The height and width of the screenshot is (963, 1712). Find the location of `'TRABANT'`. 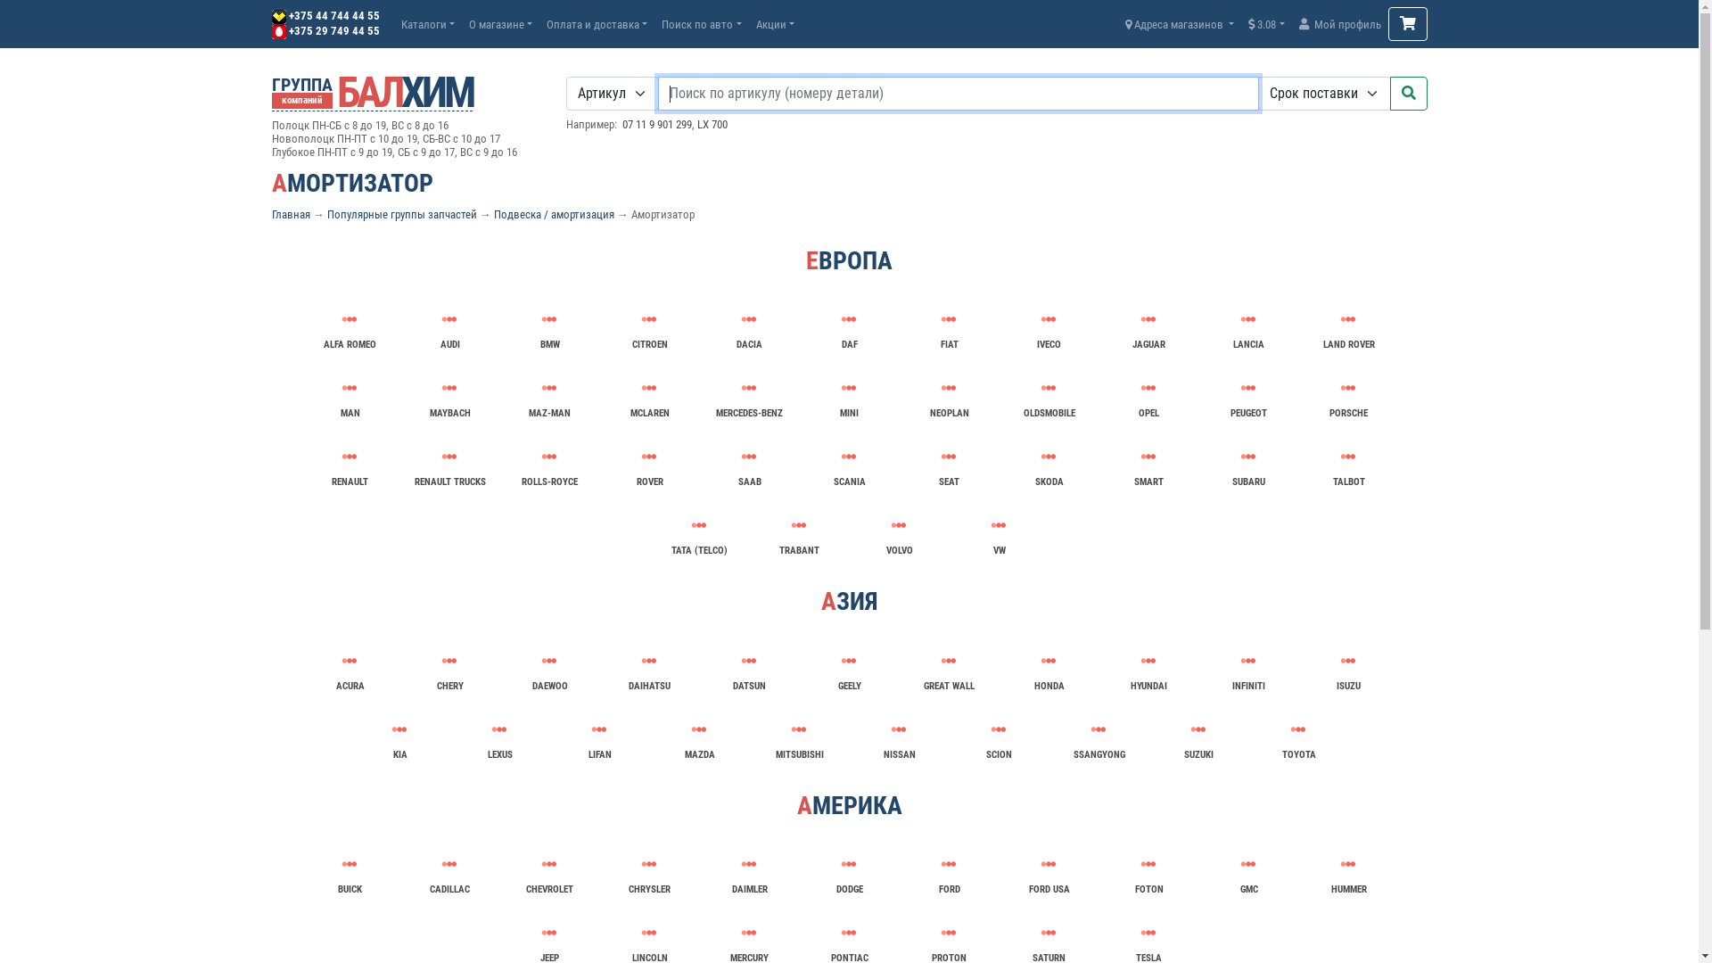

'TRABANT' is located at coordinates (753, 531).